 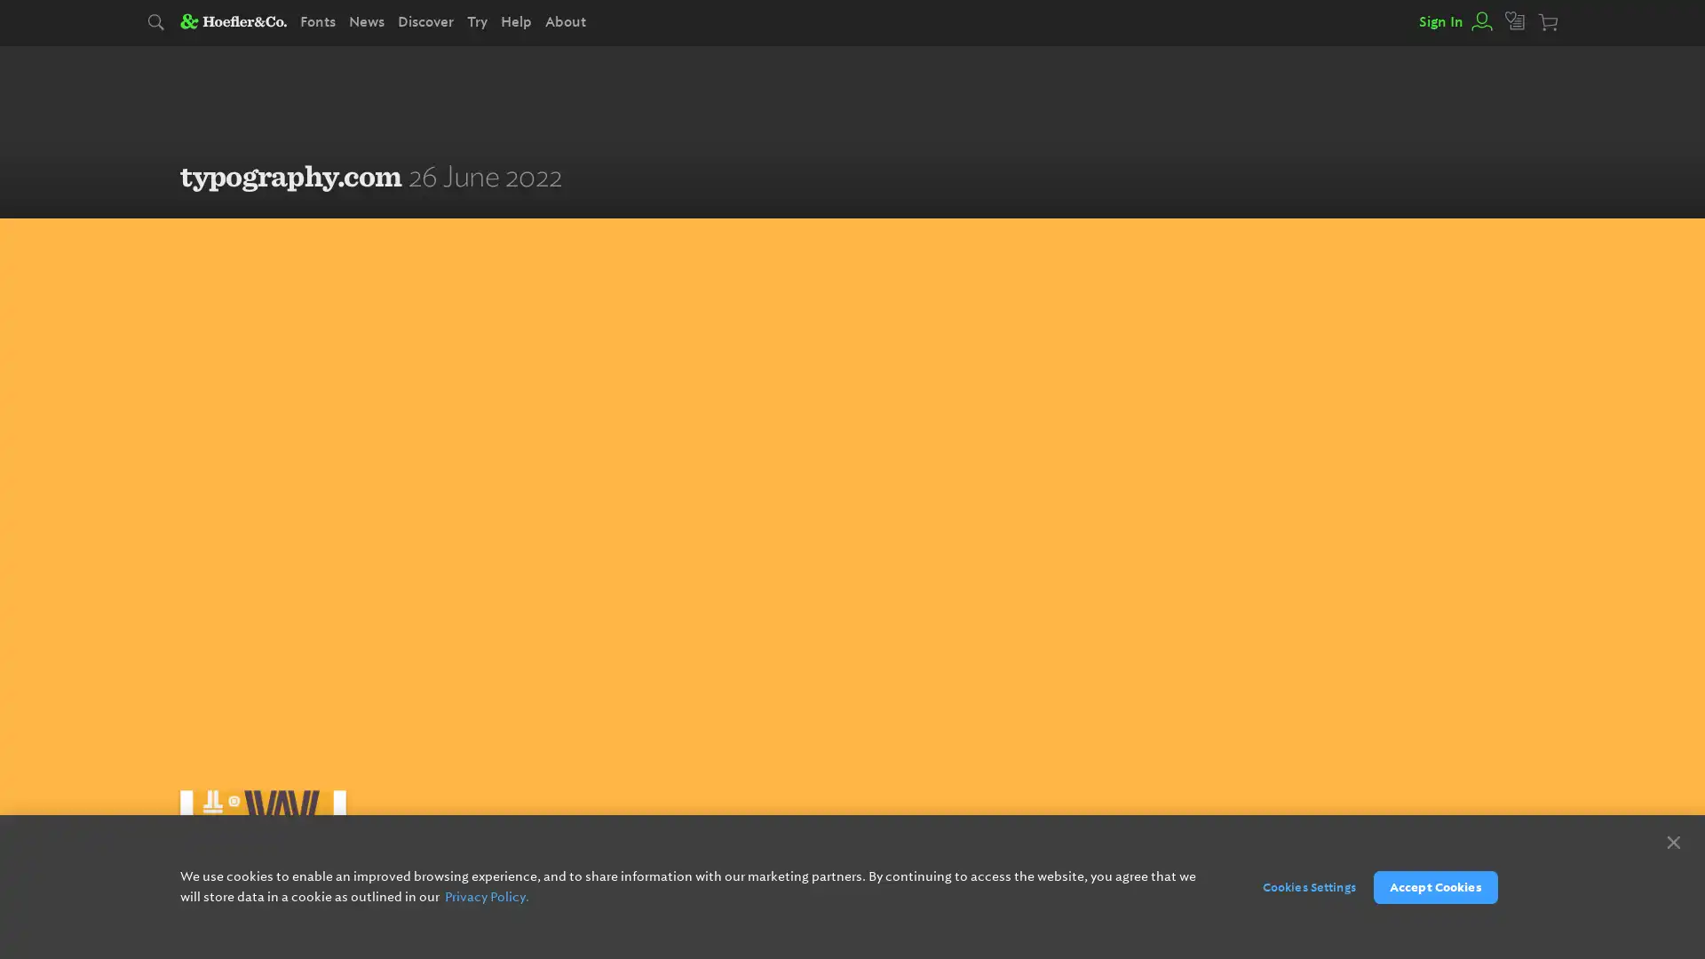 What do you see at coordinates (157, 23) in the screenshot?
I see `Search typography.com` at bounding box center [157, 23].